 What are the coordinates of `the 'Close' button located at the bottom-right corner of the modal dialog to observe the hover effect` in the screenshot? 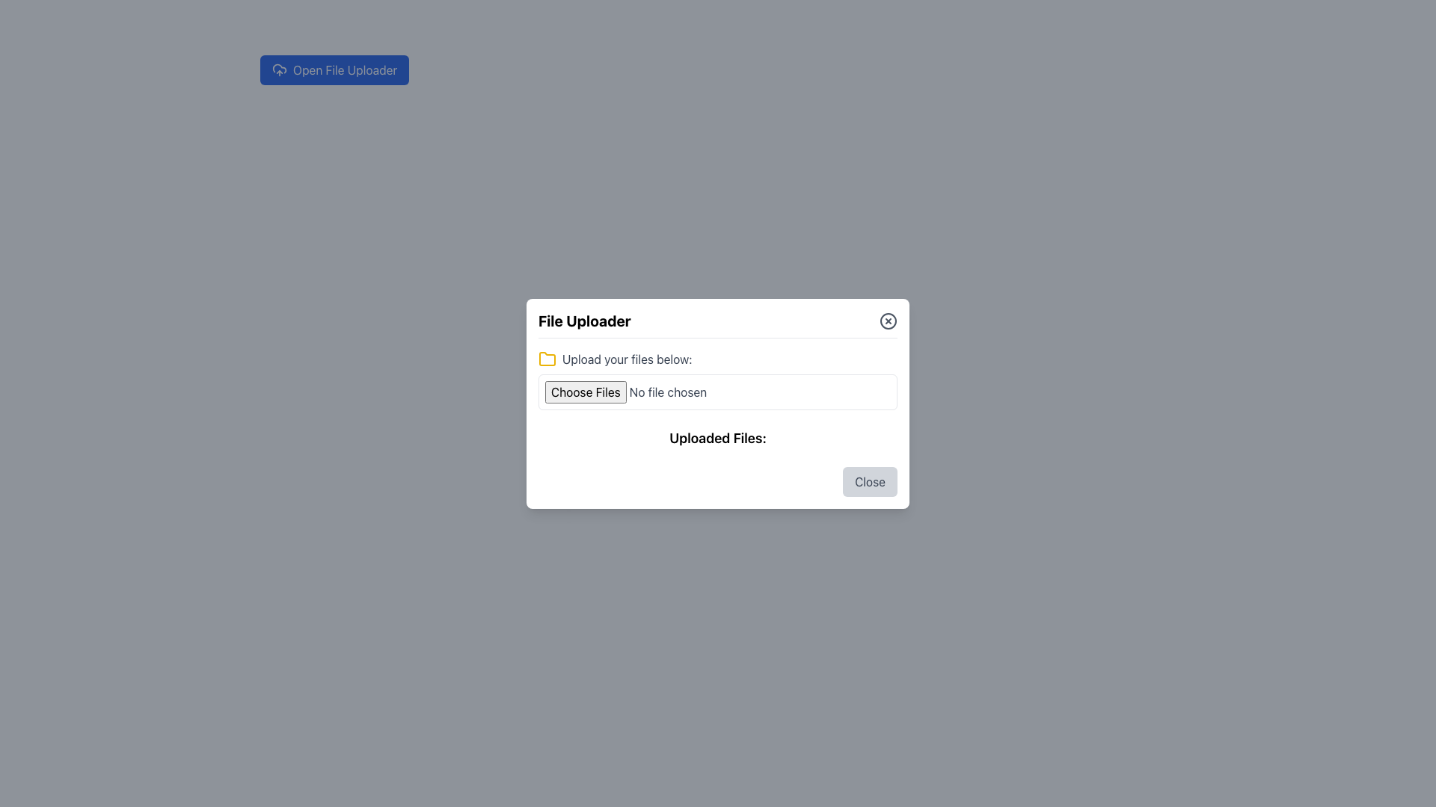 It's located at (870, 481).